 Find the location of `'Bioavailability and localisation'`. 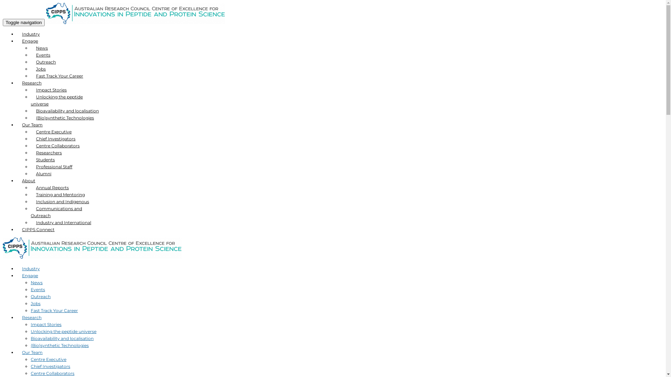

'Bioavailability and localisation' is located at coordinates (30, 338).